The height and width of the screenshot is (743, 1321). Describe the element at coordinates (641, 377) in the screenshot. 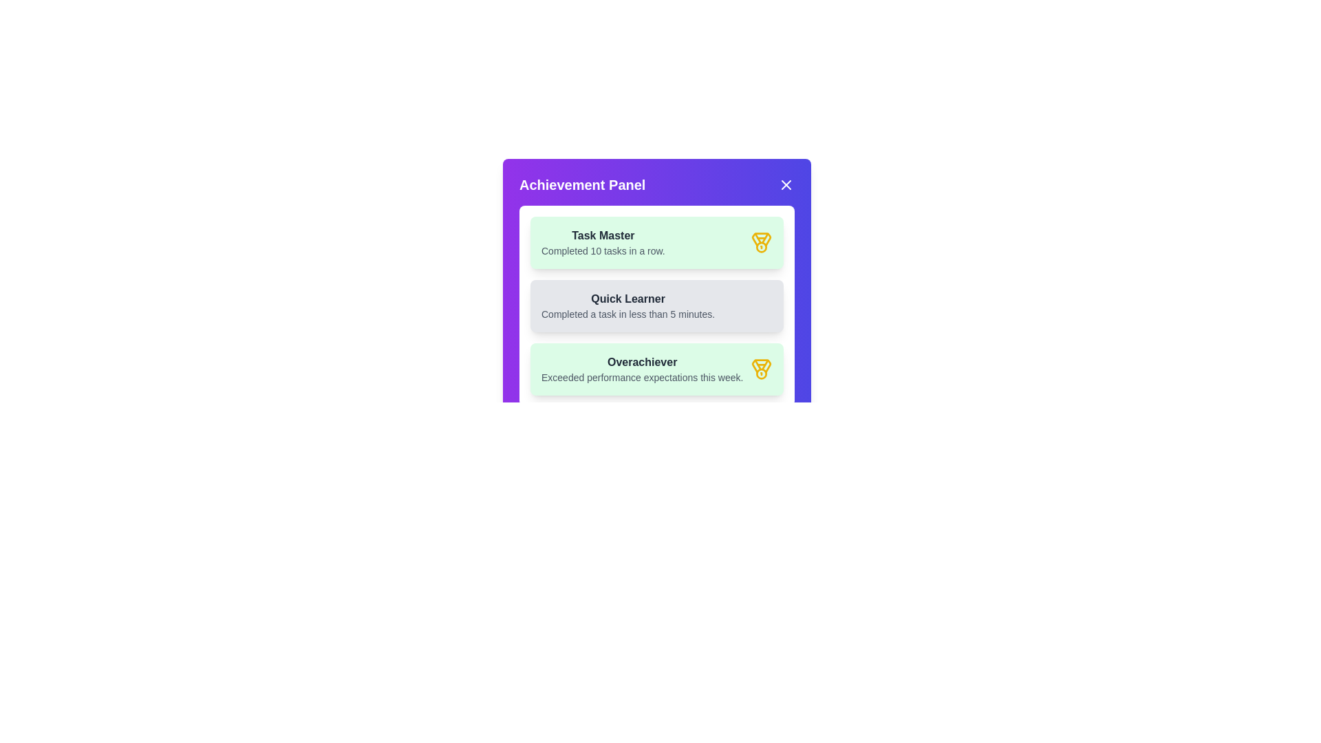

I see `the text block displaying 'Exceeded performance expectations this week.' located within the highlighted green panel titled 'Overachiever.'` at that location.